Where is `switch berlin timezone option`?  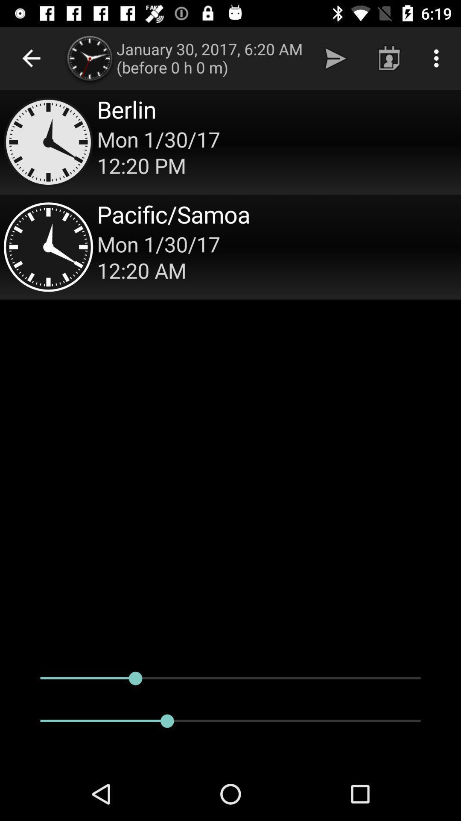 switch berlin timezone option is located at coordinates (230, 142).